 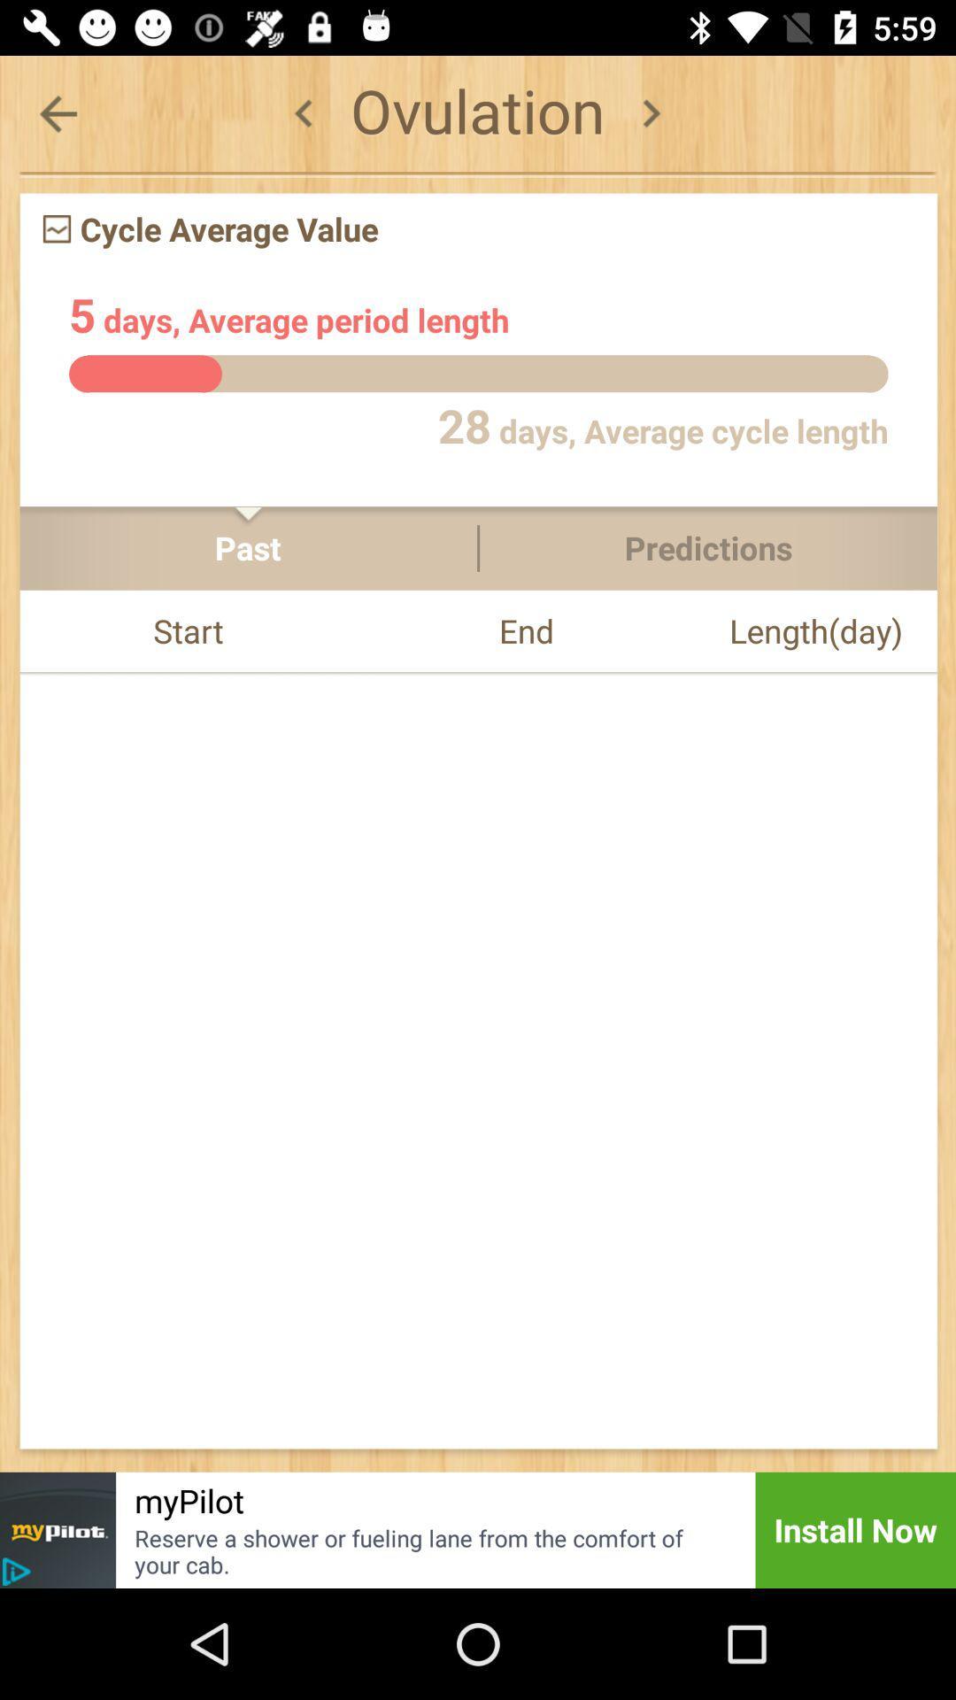 I want to click on the arrow_forward icon, so click(x=651, y=112).